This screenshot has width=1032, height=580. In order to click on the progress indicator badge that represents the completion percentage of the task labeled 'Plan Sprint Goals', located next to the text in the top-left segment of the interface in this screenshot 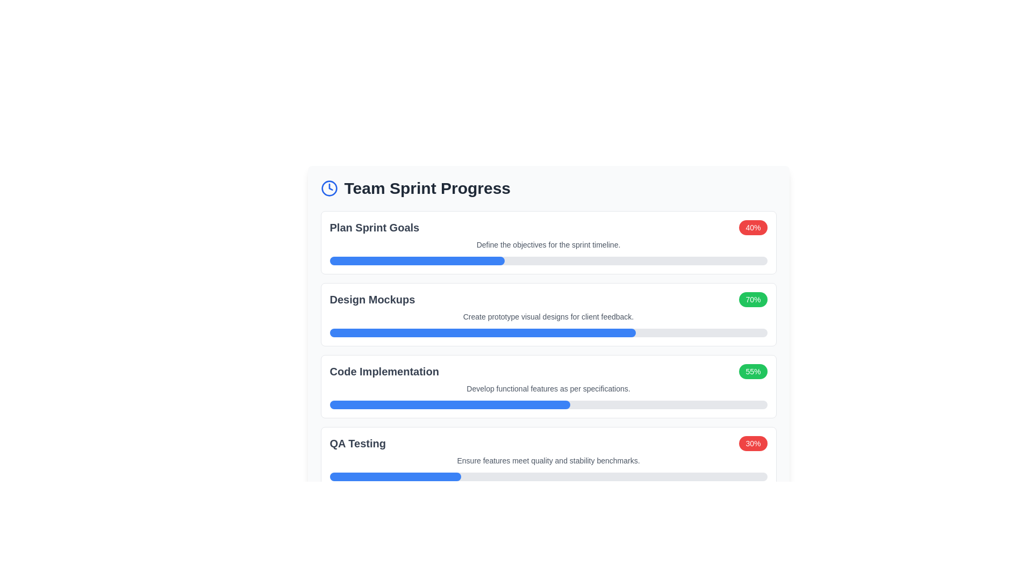, I will do `click(752, 227)`.